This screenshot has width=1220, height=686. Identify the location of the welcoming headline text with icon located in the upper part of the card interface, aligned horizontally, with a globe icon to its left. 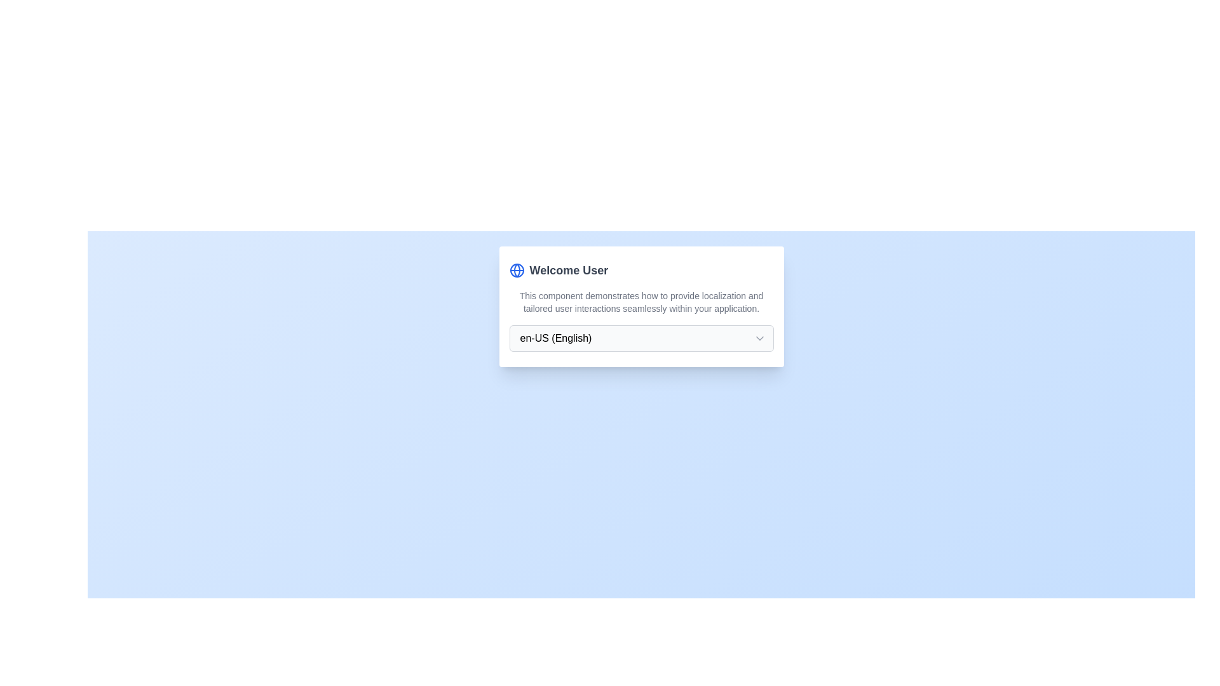
(559, 269).